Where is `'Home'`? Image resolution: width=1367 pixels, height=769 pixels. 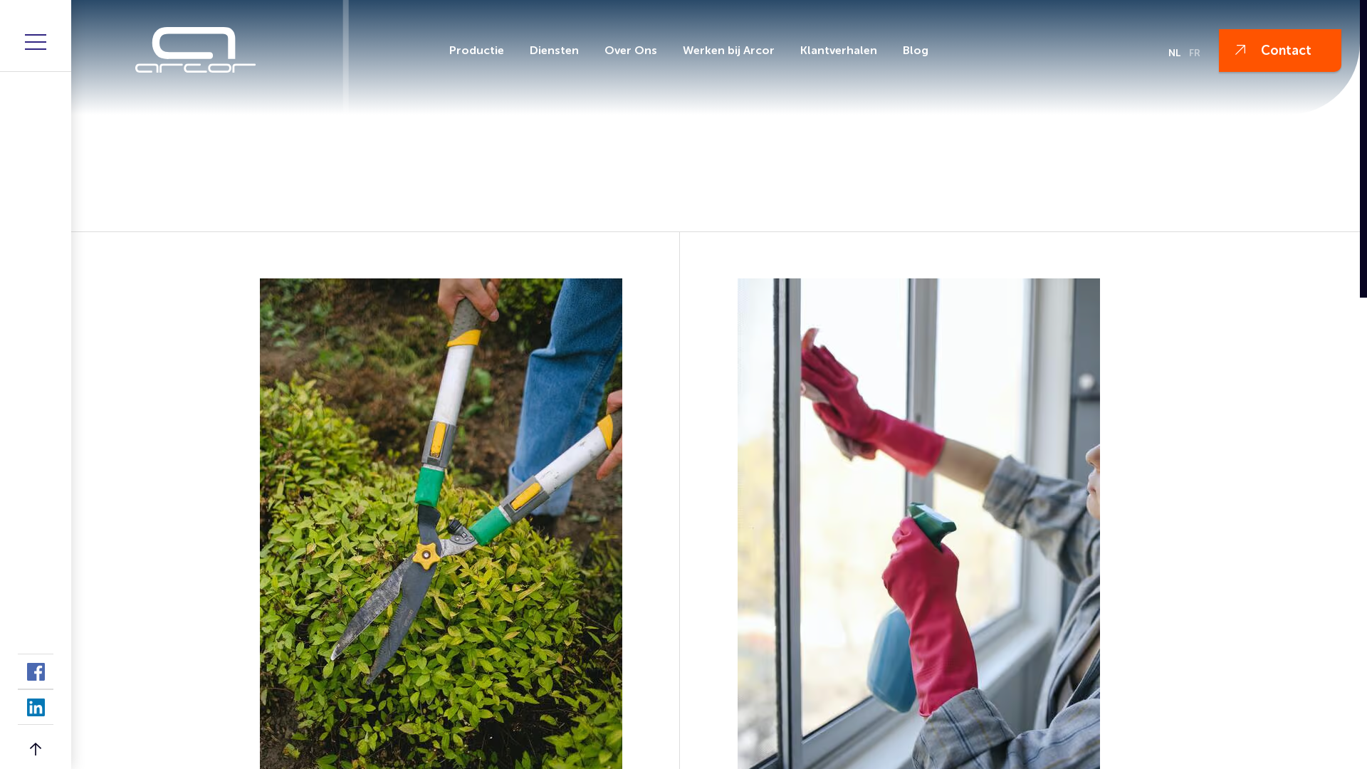
'Home' is located at coordinates (285, 206).